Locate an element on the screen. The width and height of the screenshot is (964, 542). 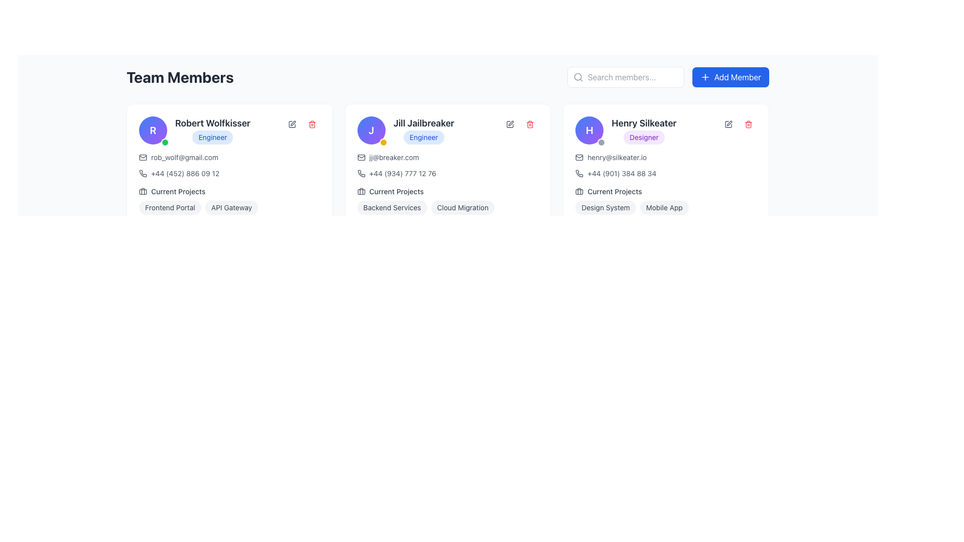
the small square button with a pencil icon located in the top-right corner of Henry Silkeater's card to initiate the edit action is located at coordinates (728, 123).